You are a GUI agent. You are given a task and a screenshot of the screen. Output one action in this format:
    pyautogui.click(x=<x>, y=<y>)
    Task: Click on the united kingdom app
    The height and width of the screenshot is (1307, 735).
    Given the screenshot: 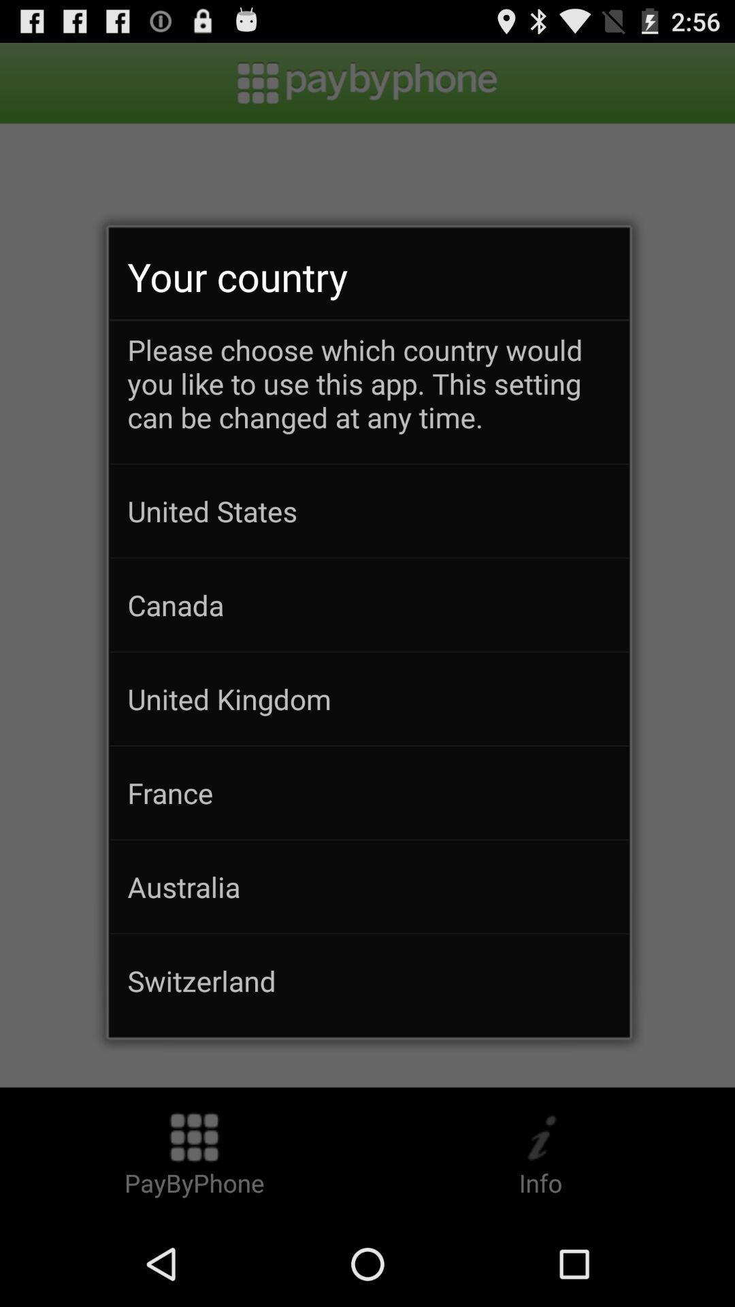 What is the action you would take?
    pyautogui.click(x=369, y=698)
    